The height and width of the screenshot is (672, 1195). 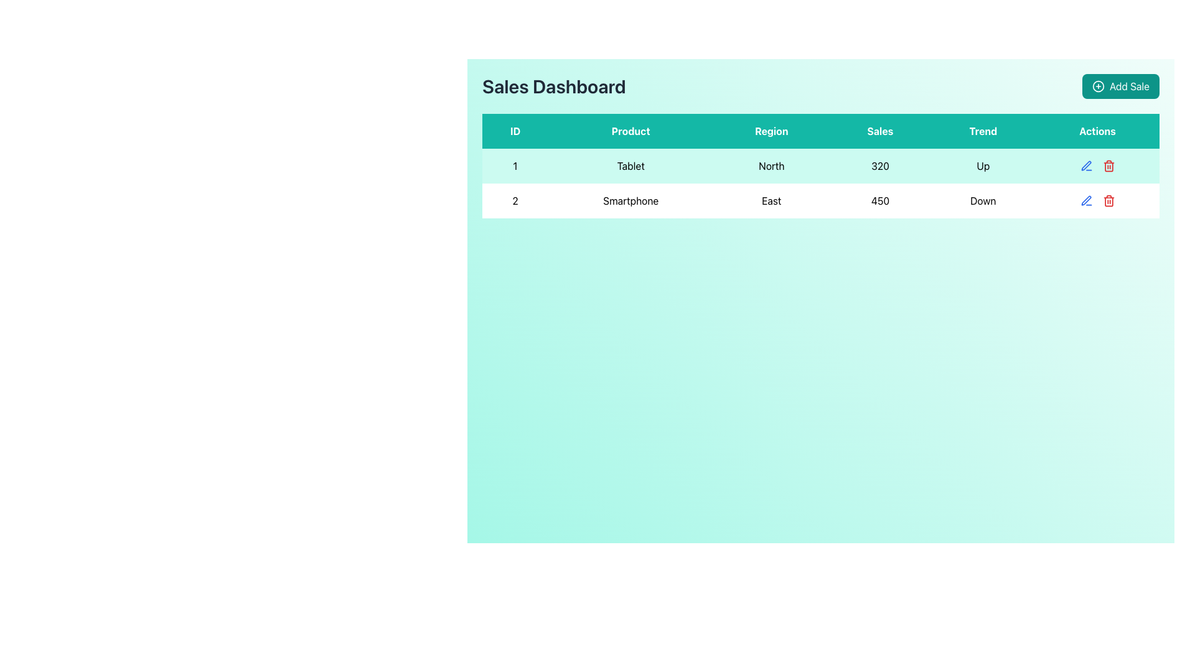 I want to click on the second row of the data table that contains specific information about a record, including ID, product name, region, sales amount, and trend, so click(x=821, y=200).